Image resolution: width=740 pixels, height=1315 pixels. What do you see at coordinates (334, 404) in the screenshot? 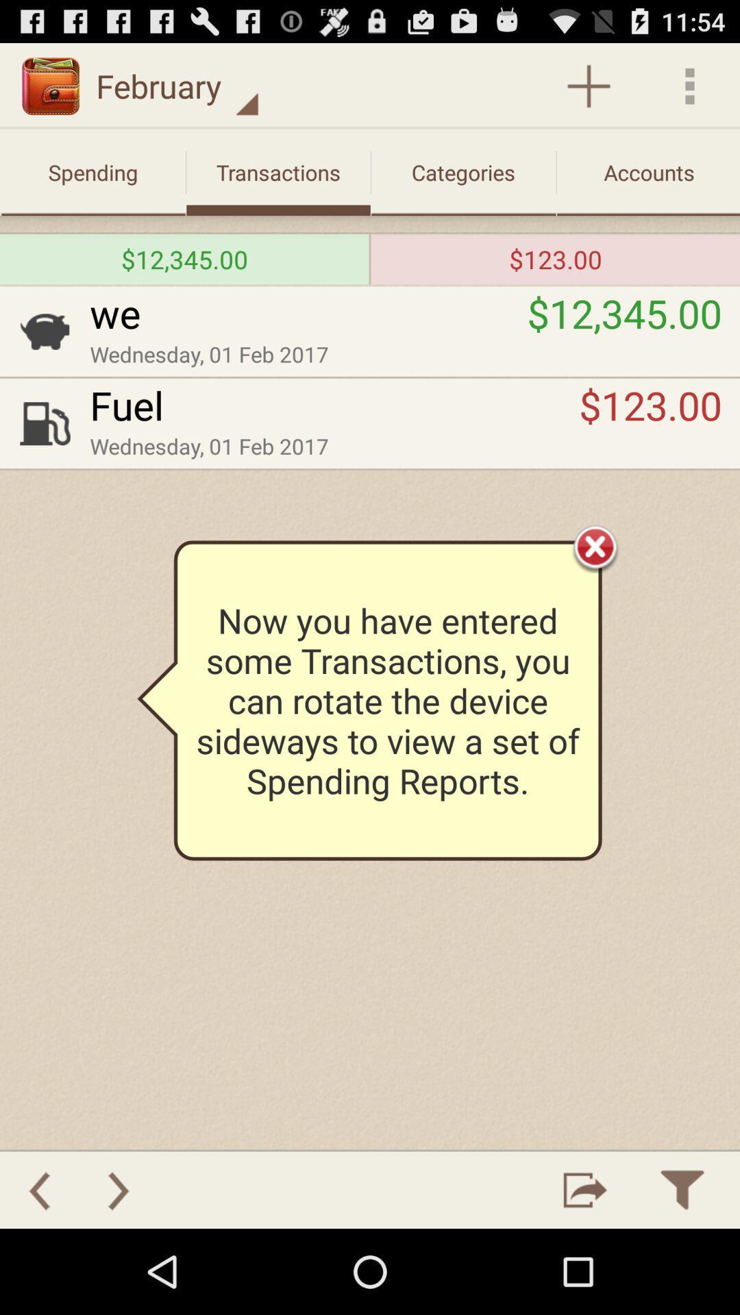
I see `item to the left of $123.00 icon` at bounding box center [334, 404].